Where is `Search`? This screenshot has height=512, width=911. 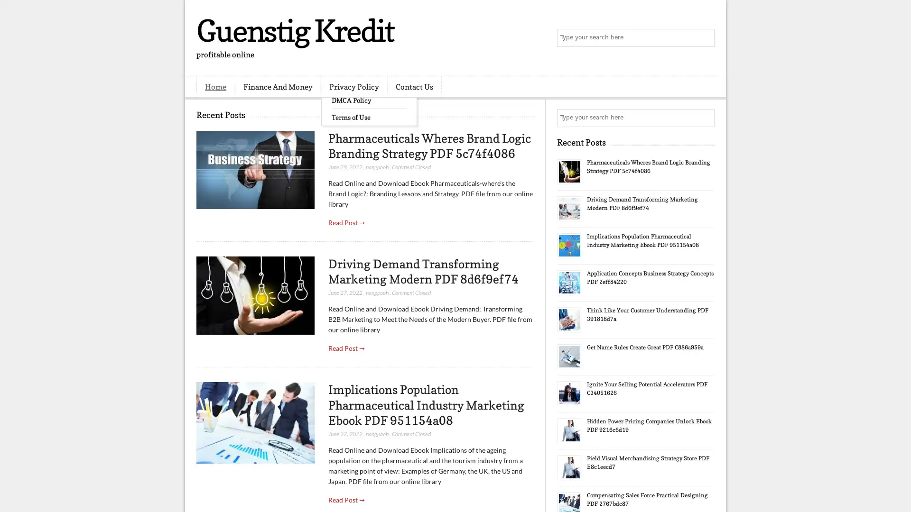
Search is located at coordinates (705, 118).